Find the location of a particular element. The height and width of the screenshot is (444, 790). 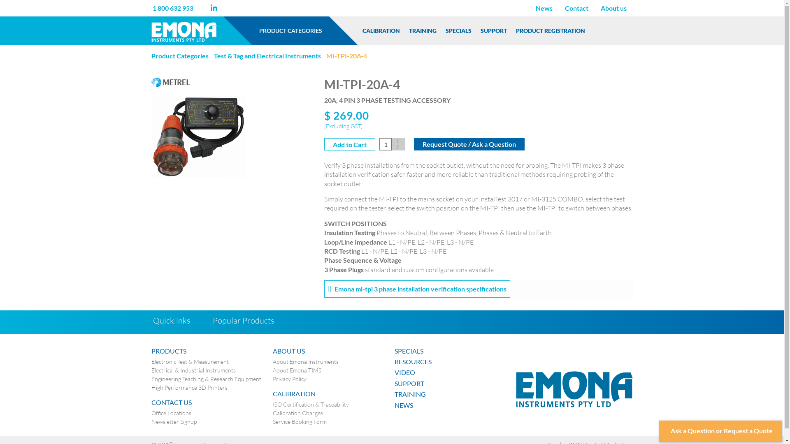

'About Emona Instruments' is located at coordinates (272, 361).